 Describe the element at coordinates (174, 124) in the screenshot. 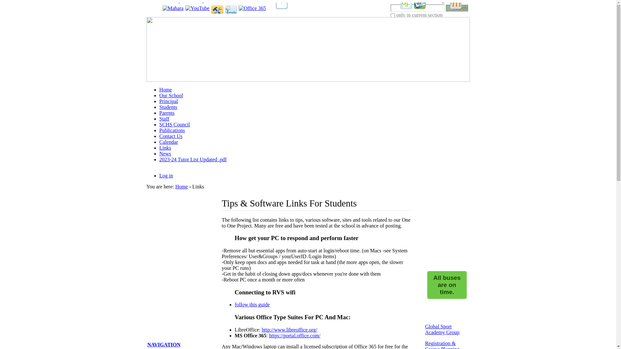

I see `'SCHS Council'` at that location.